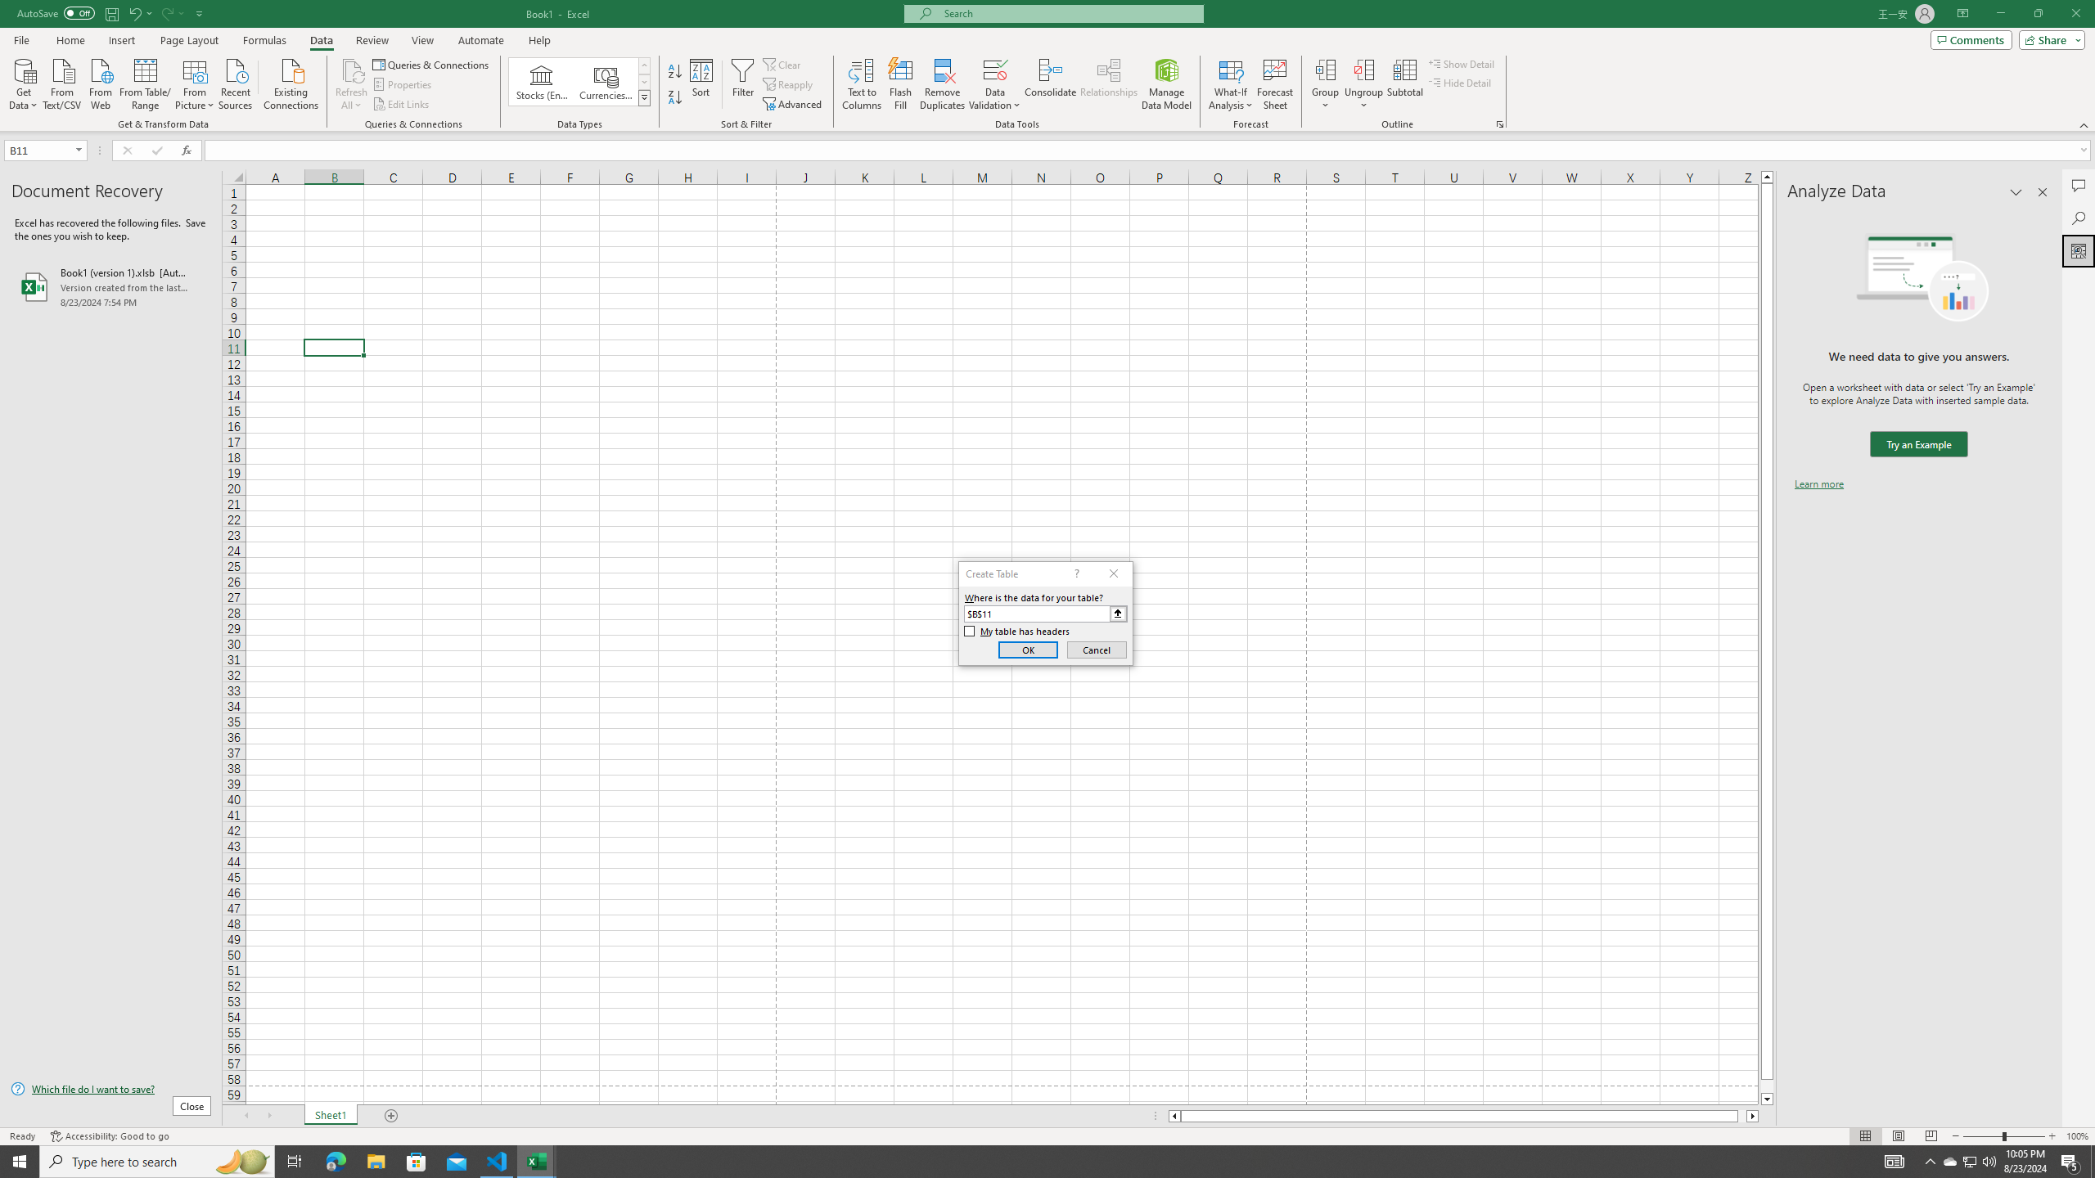 The height and width of the screenshot is (1178, 2095). Describe the element at coordinates (110, 13) in the screenshot. I see `'Quick Access Toolbar'` at that location.